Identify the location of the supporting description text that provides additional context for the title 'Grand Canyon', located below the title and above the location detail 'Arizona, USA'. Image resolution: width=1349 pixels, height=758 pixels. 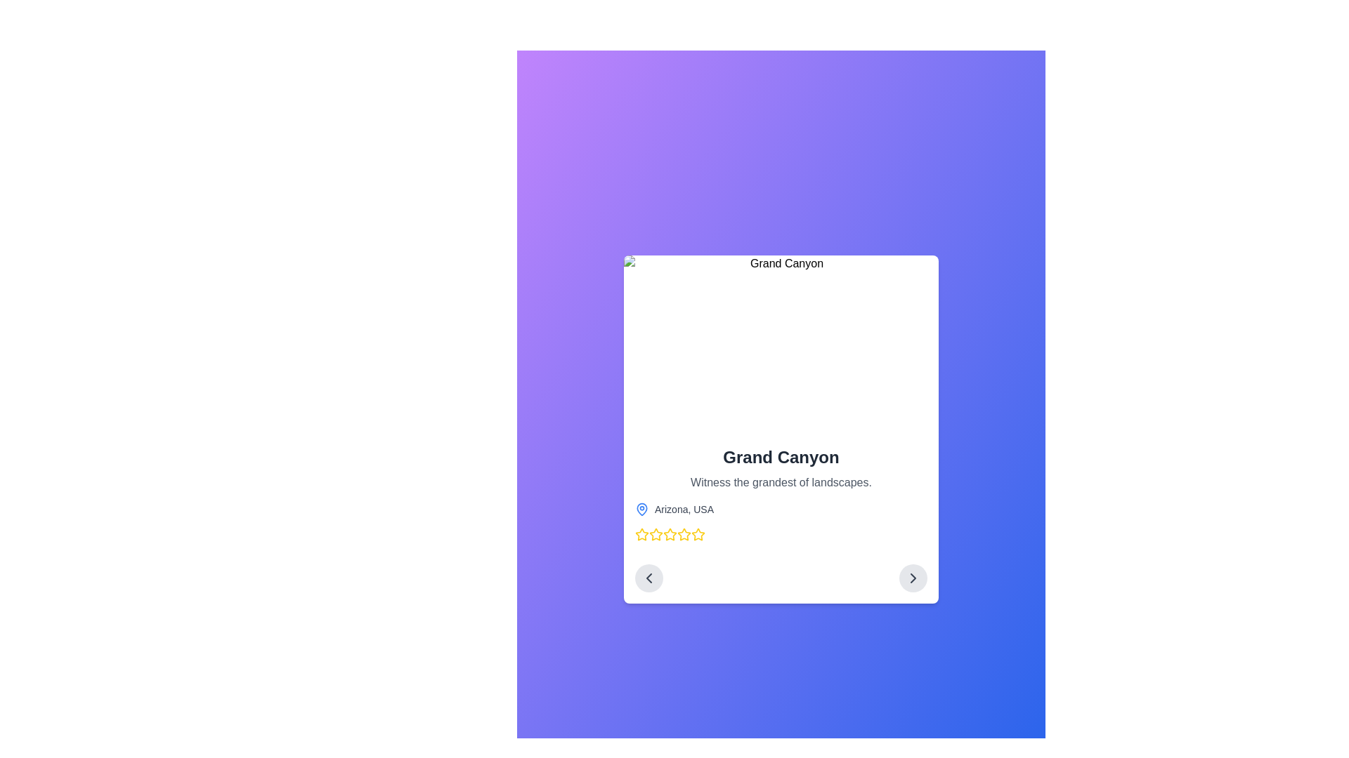
(781, 481).